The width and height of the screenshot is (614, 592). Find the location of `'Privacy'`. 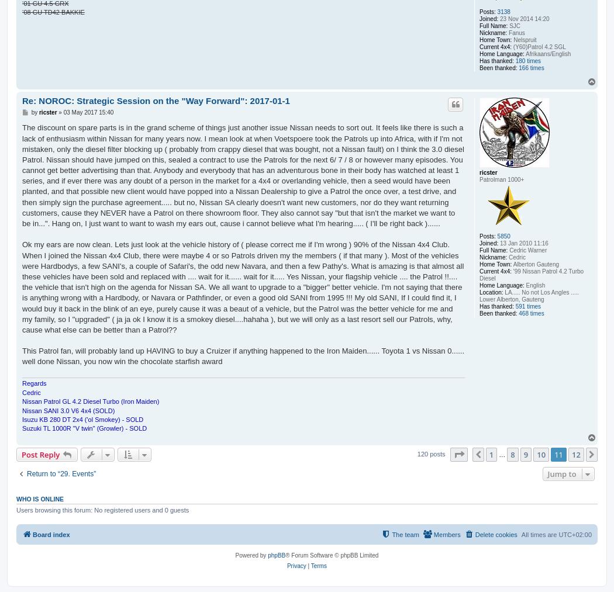

'Privacy' is located at coordinates (295, 566).